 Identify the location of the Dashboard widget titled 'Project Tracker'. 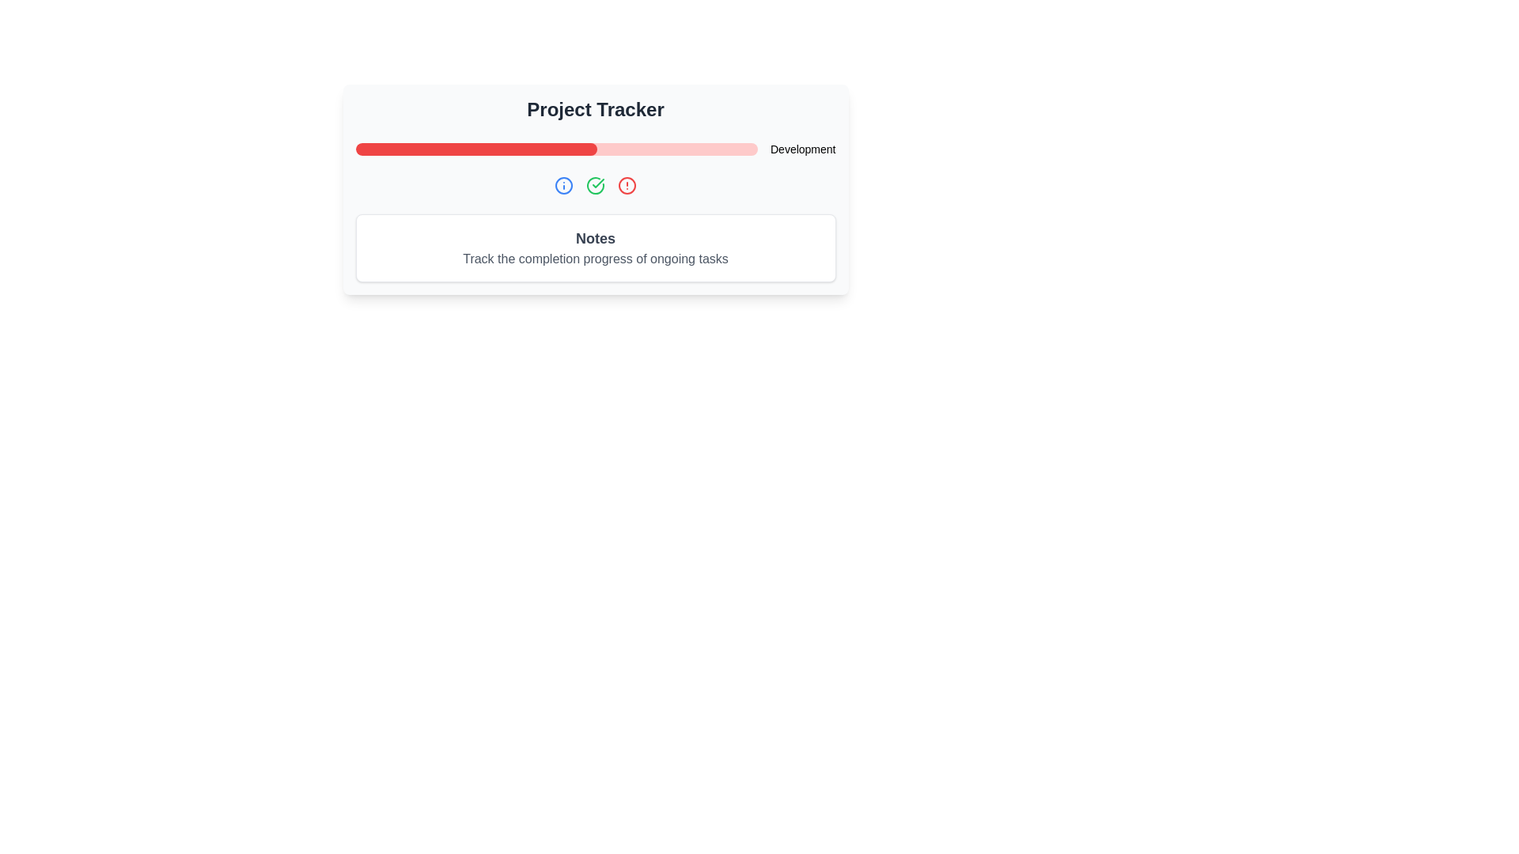
(595, 188).